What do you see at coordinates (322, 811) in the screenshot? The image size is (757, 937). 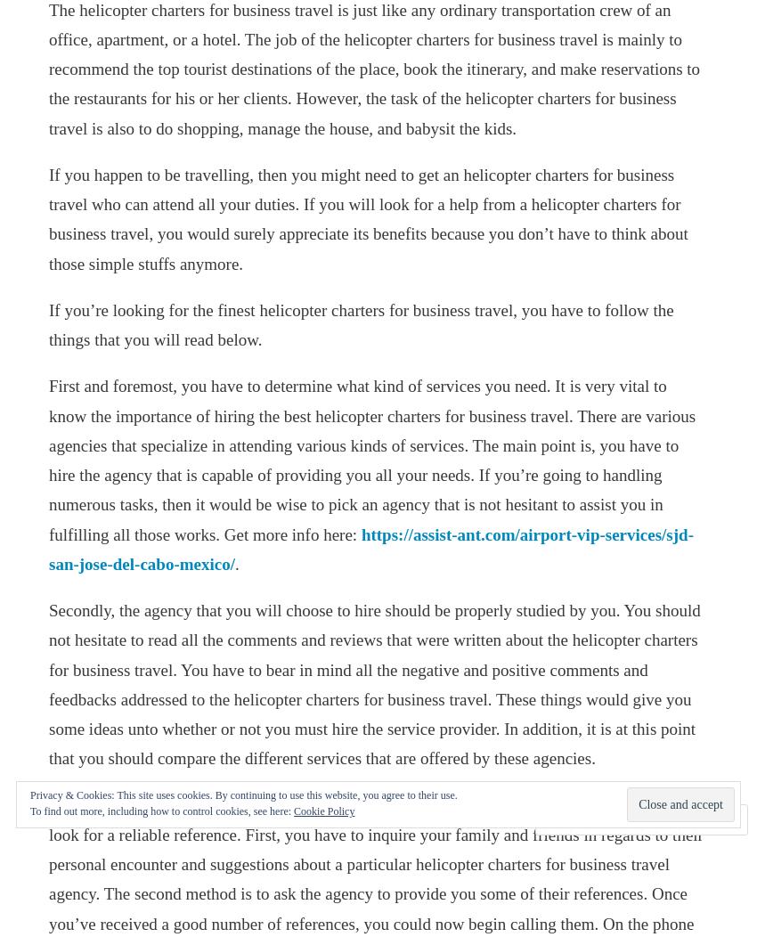 I see `'Cookie Policy'` at bounding box center [322, 811].